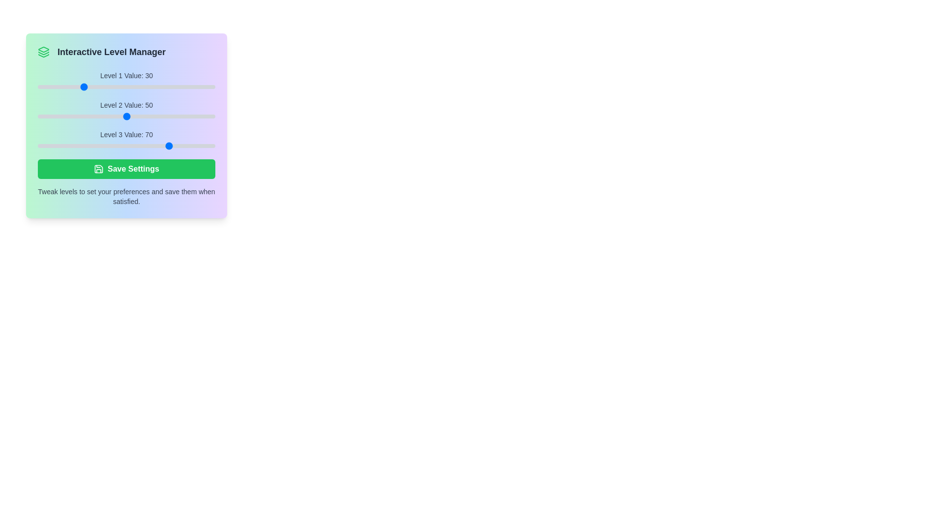  Describe the element at coordinates (126, 75) in the screenshot. I see `the Text label that displays the current value for Level 1, which is positioned above the corresponding slider bar for Level 1 adjustment` at that location.